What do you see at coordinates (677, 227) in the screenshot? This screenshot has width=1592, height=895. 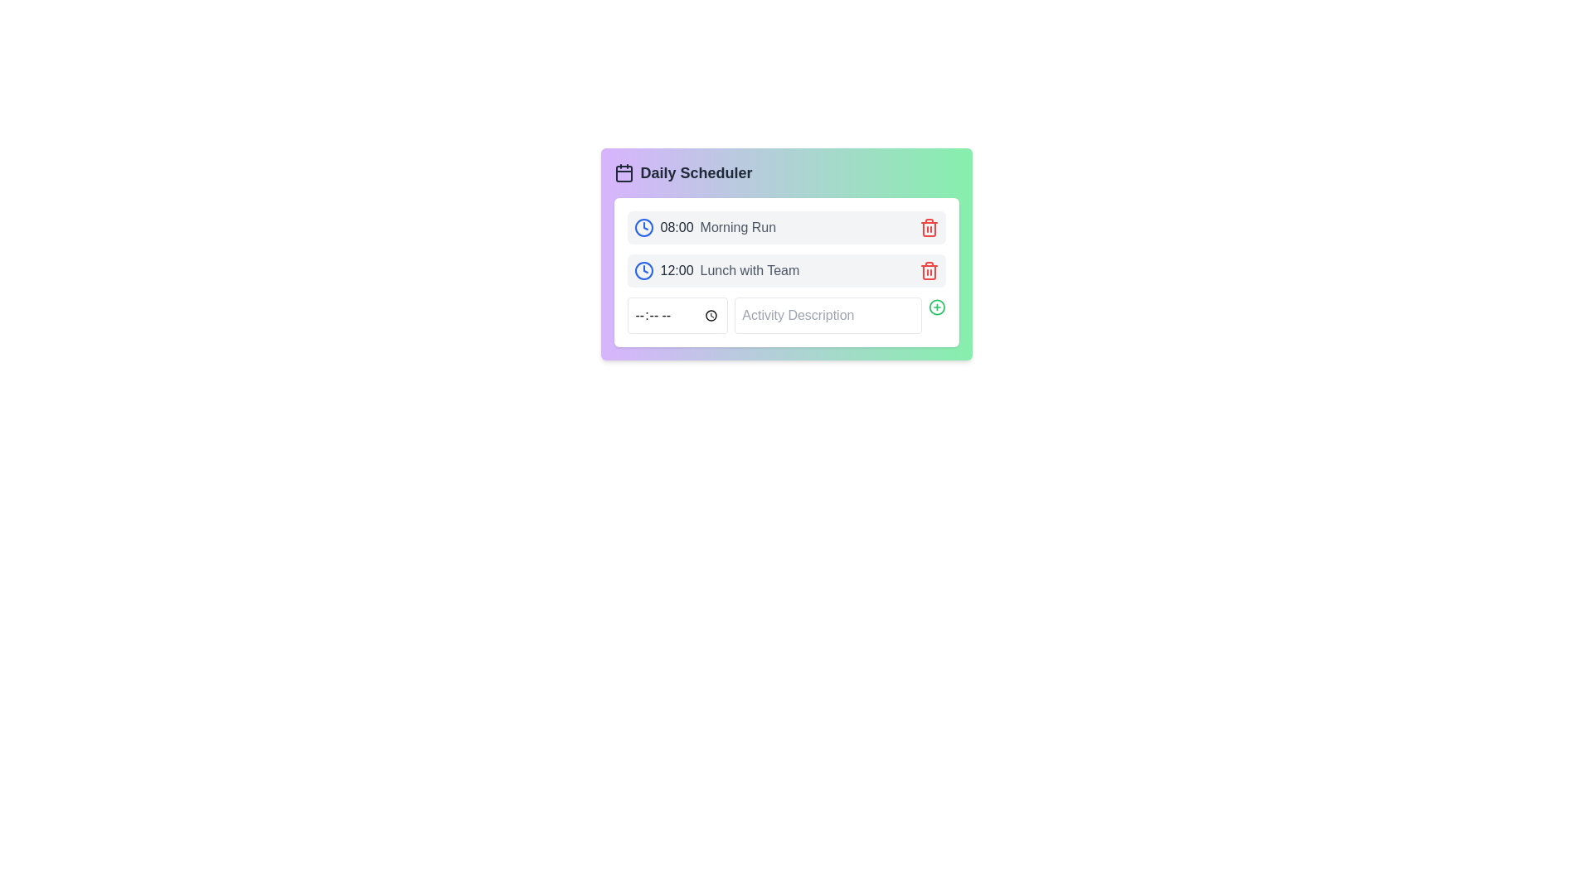 I see `the non-interactive Text Label displaying the scheduled time for the activity 'Morning Run' in the Daily Scheduler interface` at bounding box center [677, 227].